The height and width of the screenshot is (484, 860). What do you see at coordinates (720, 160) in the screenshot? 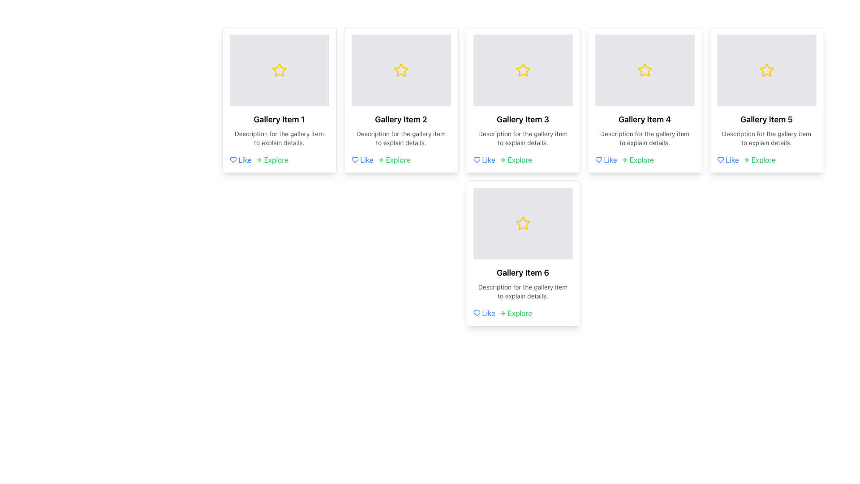
I see `the heart icon associated with 'Gallery Item 5'` at bounding box center [720, 160].